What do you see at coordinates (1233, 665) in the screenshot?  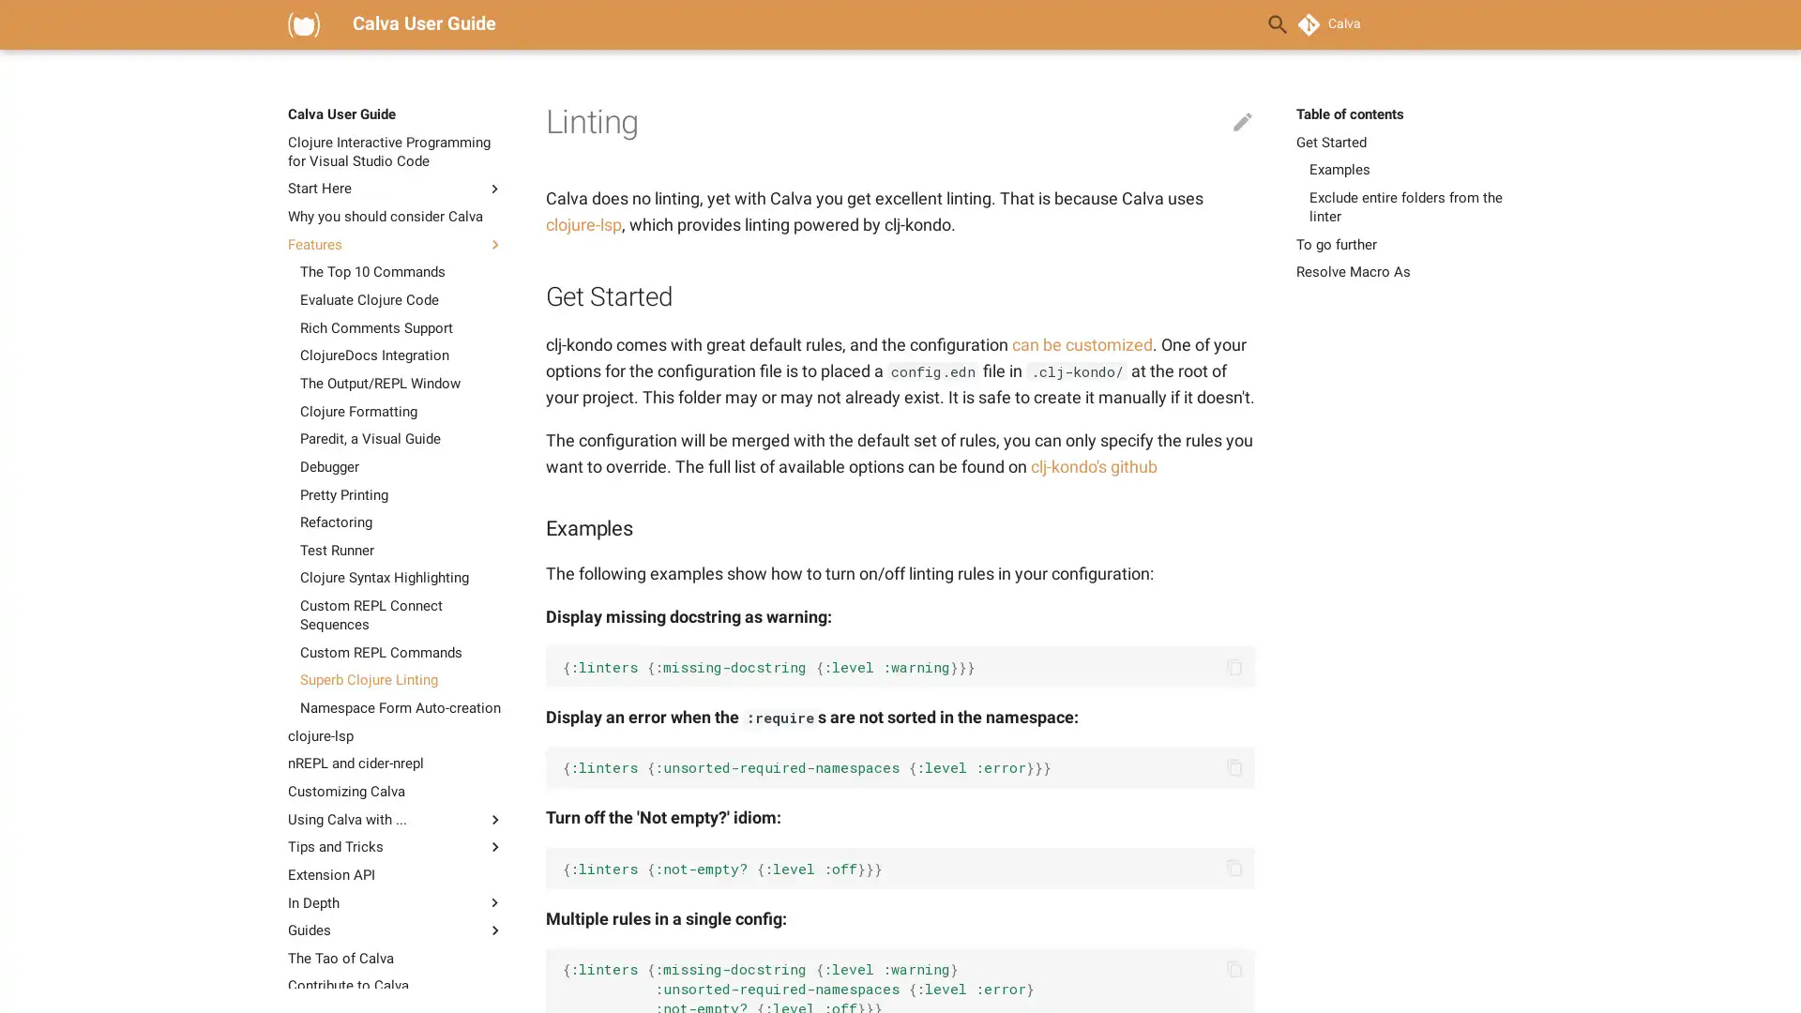 I see `Copy to clipboard` at bounding box center [1233, 665].